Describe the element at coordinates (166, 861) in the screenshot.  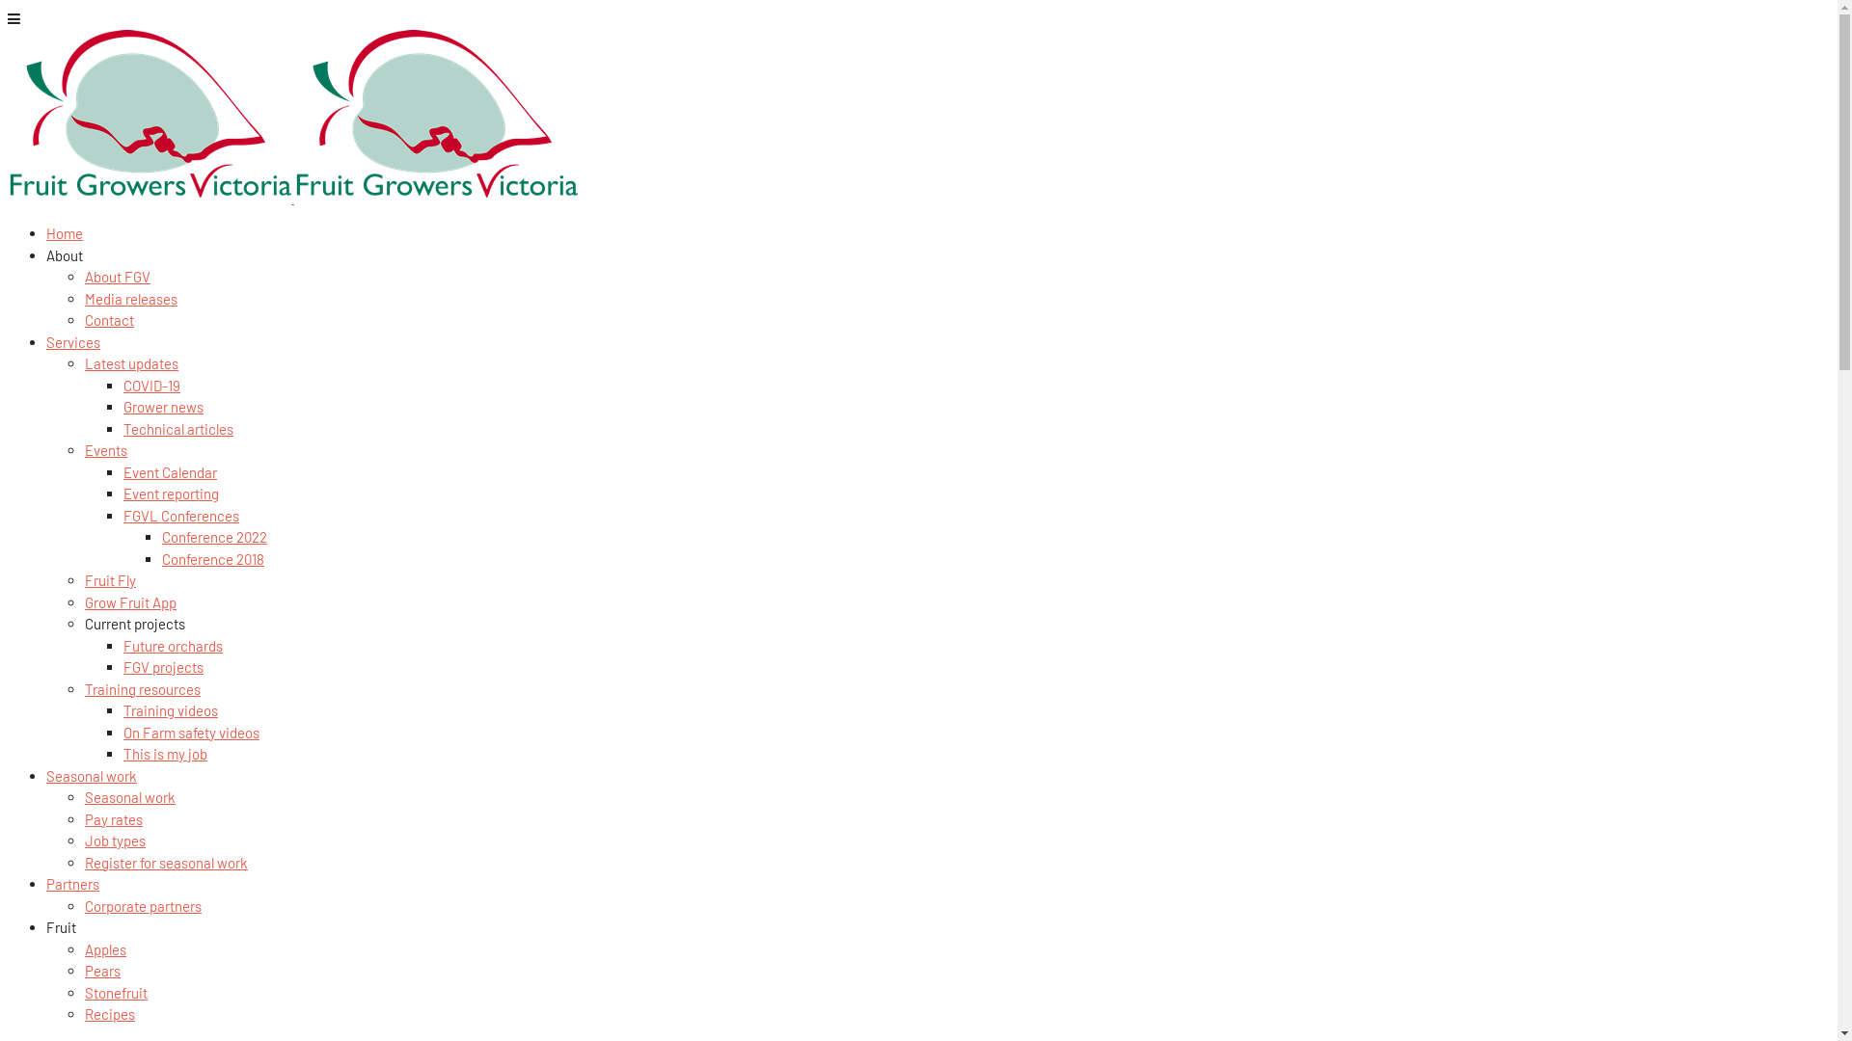
I see `'Register for seasonal work'` at that location.